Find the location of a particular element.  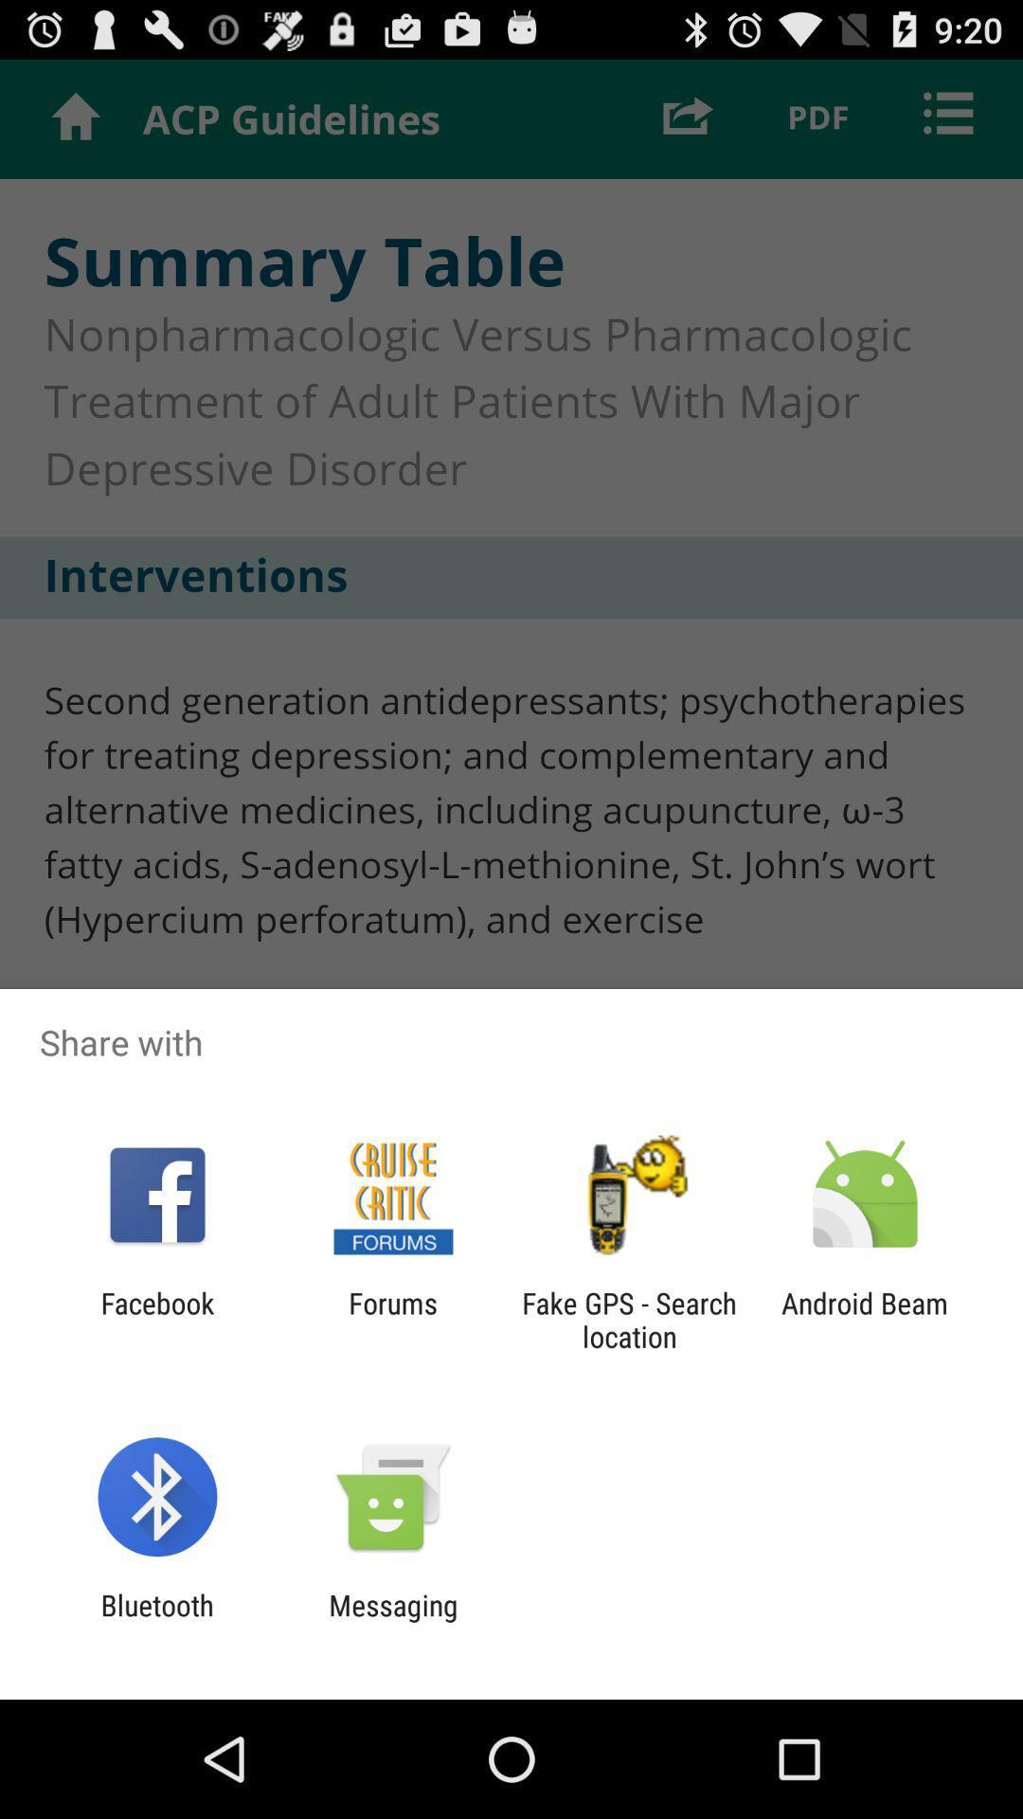

the icon next to the fake gps search is located at coordinates (392, 1319).